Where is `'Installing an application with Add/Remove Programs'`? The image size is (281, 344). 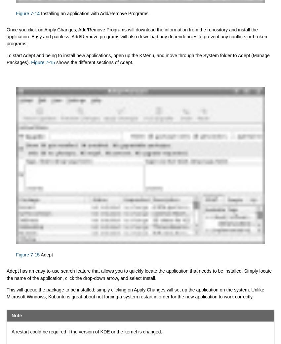
'Installing an application with Add/Remove Programs' is located at coordinates (93, 13).